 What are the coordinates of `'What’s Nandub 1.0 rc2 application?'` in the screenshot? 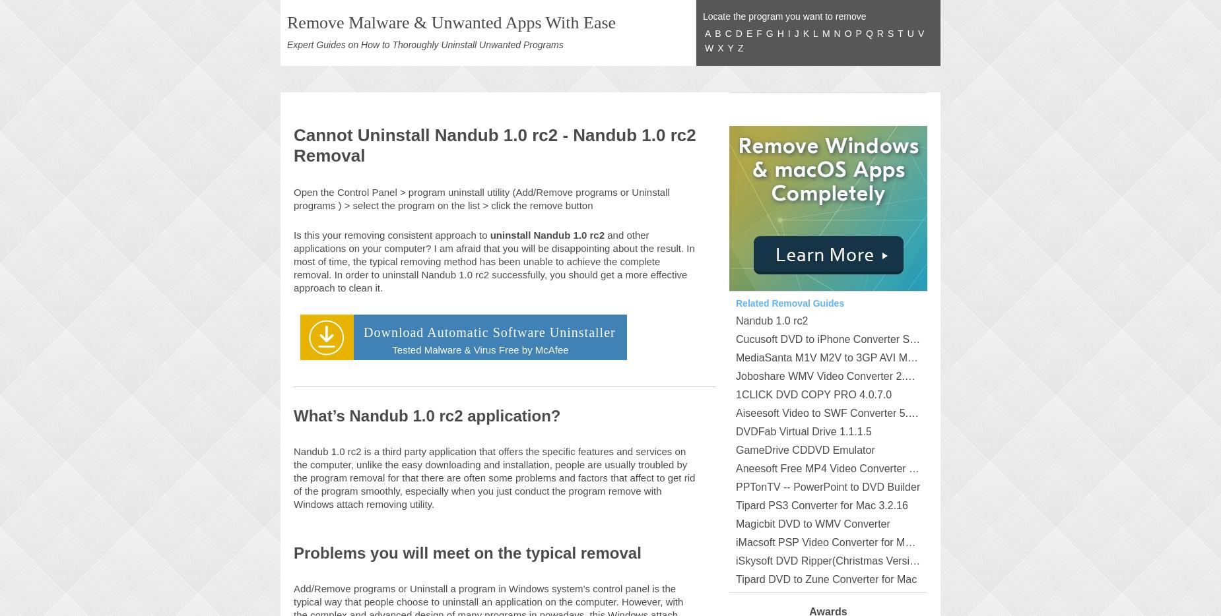 It's located at (426, 416).